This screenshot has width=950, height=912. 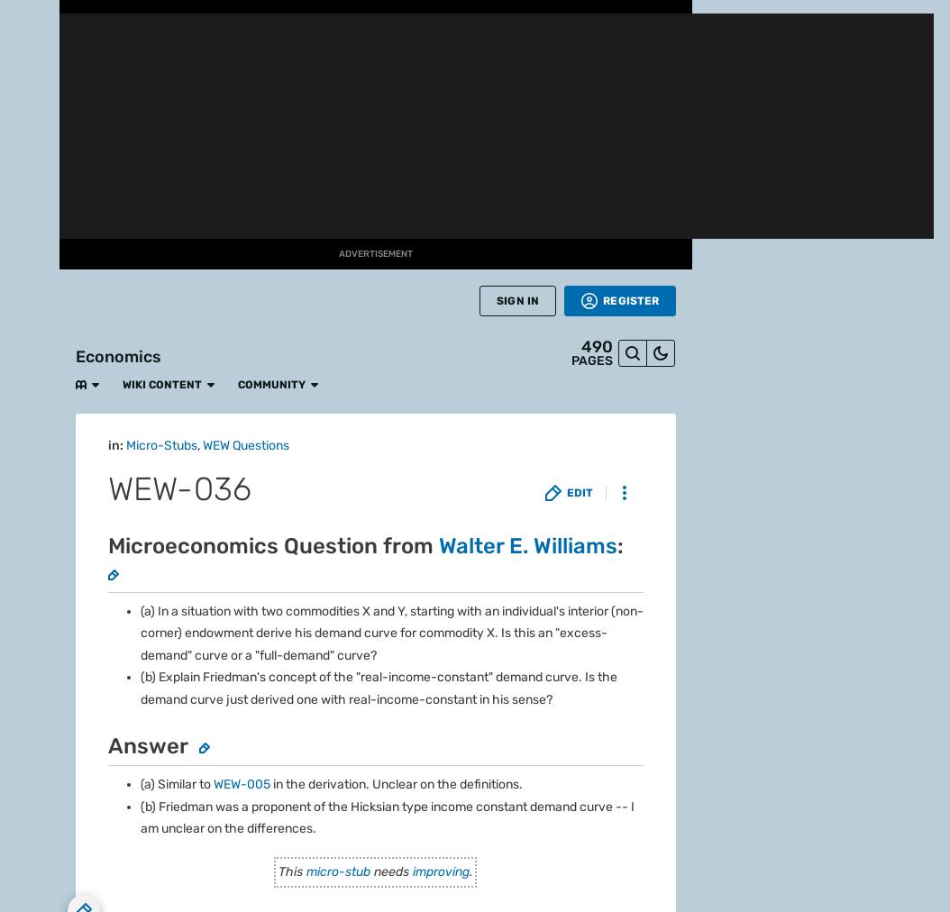 I want to click on 'Explore properties', so click(x=136, y=251).